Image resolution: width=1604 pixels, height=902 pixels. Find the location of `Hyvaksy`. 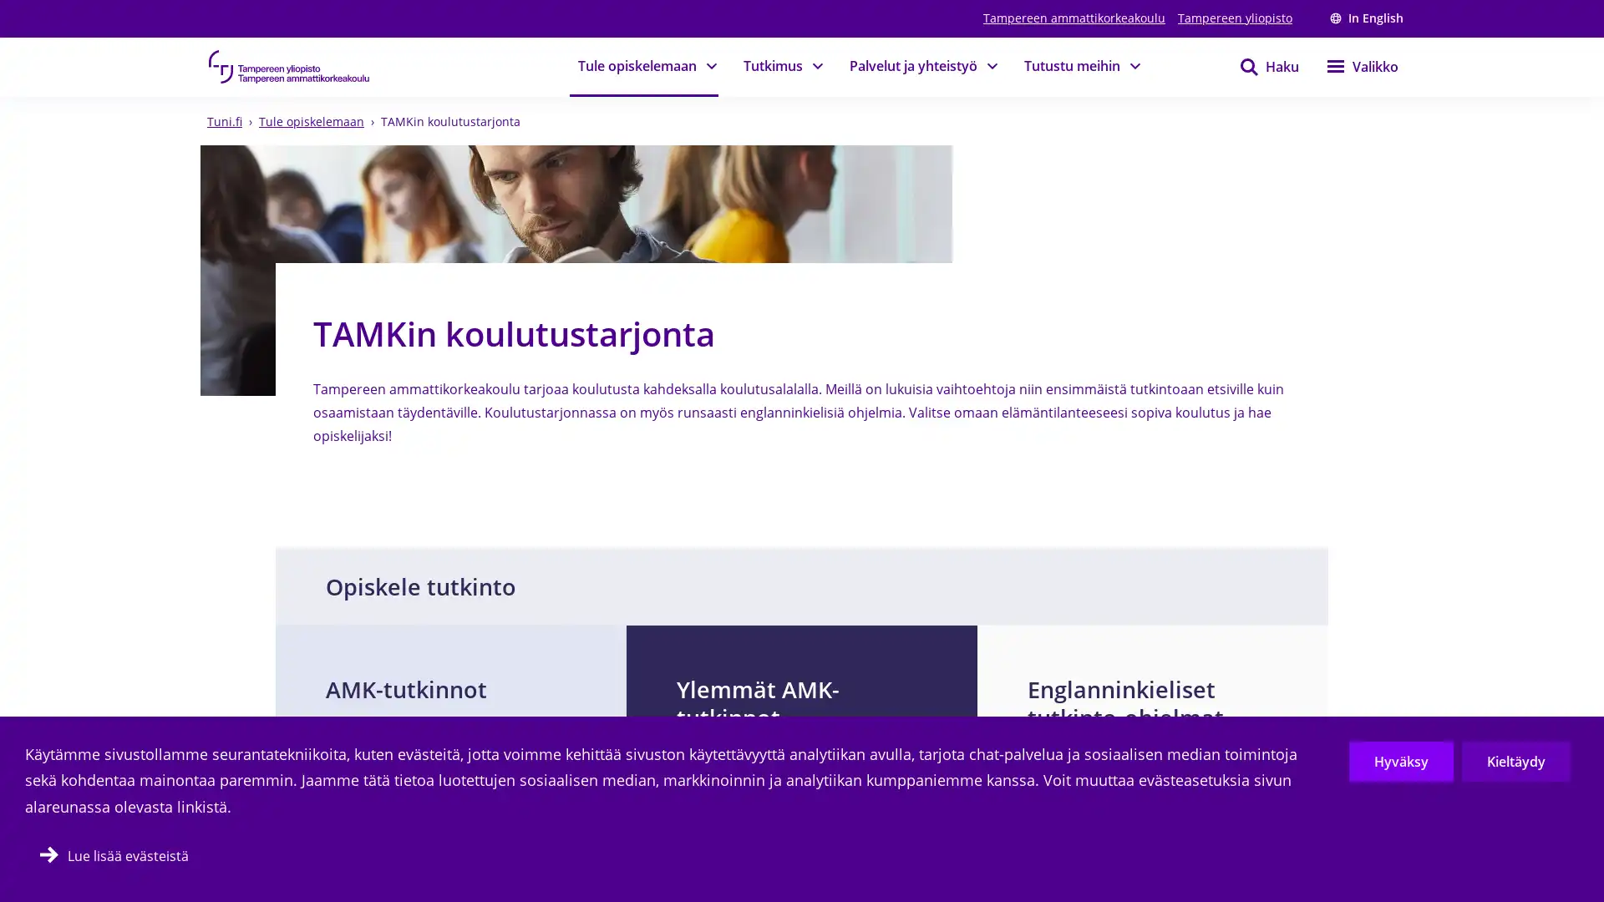

Hyvaksy is located at coordinates (1401, 760).